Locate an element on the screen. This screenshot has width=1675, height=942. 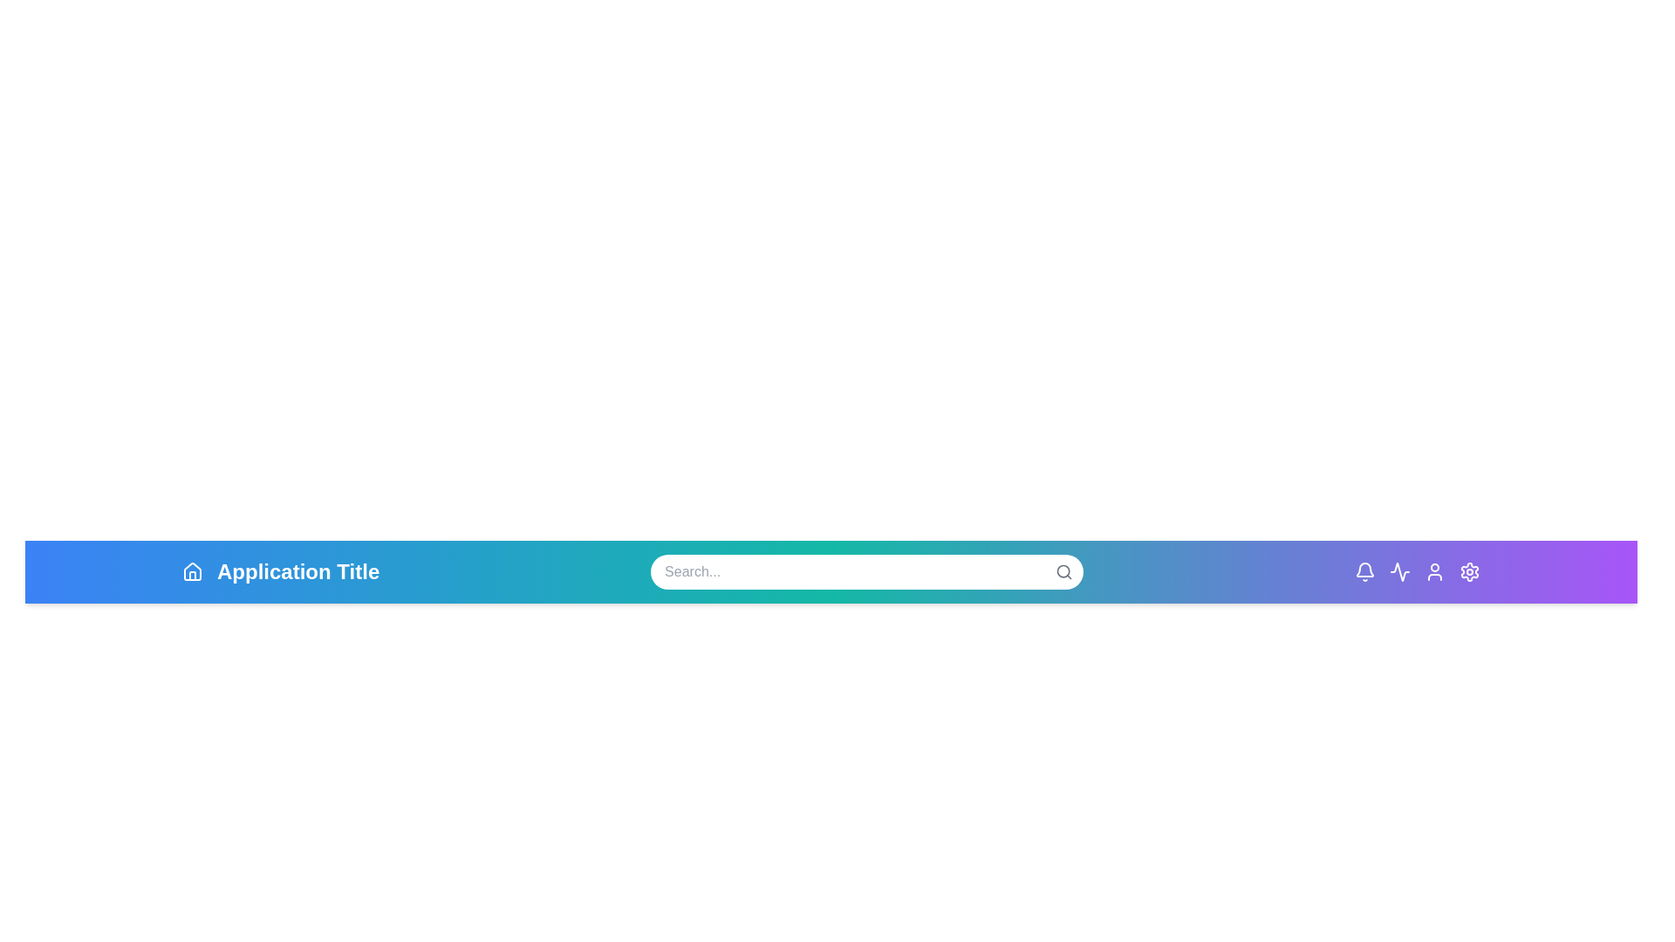
the settings icon to open the settings menu is located at coordinates (1468, 571).